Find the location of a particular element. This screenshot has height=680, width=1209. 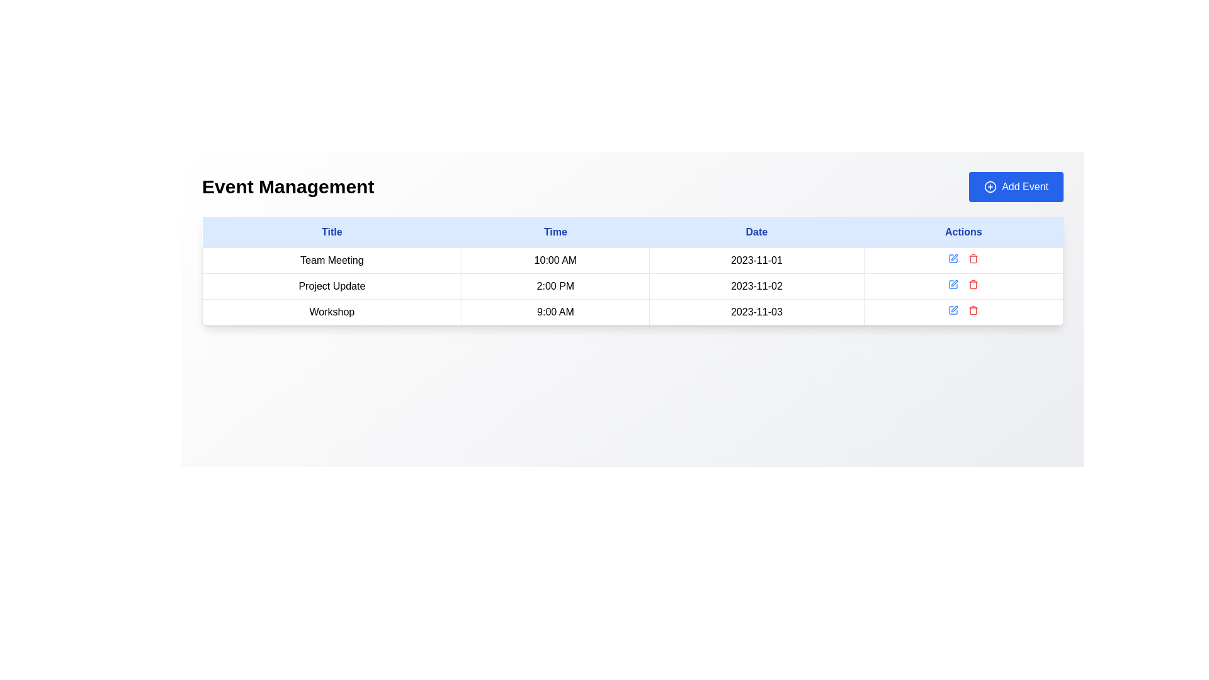

the 'Workshop' text label, which is displayed in bold black font in the leftmost column of the third row in a table is located at coordinates (332, 312).